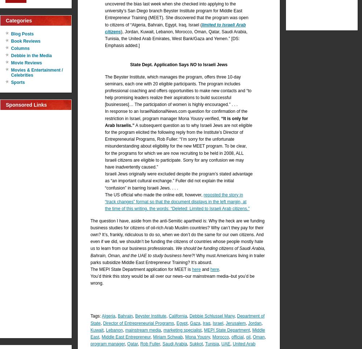  What do you see at coordinates (237, 337) in the screenshot?
I see `'official'` at bounding box center [237, 337].